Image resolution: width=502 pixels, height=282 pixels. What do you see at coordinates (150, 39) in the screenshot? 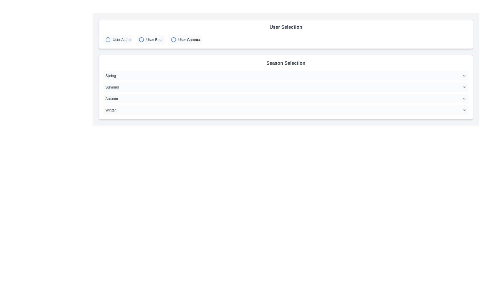
I see `the 'User Beta' radio button` at bounding box center [150, 39].